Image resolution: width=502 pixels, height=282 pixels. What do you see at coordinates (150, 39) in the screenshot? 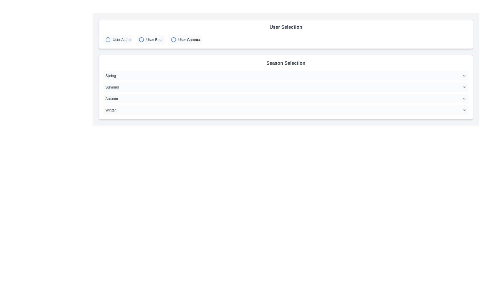
I see `the 'User Beta' radio button` at bounding box center [150, 39].